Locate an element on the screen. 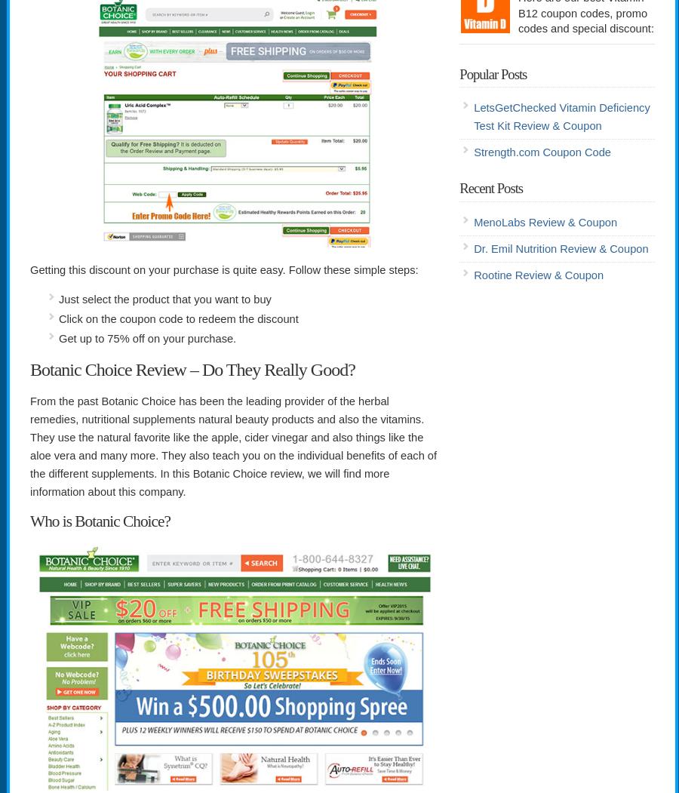 The width and height of the screenshot is (679, 793). 'Click on the coupon code to redeem the discount' is located at coordinates (177, 319).